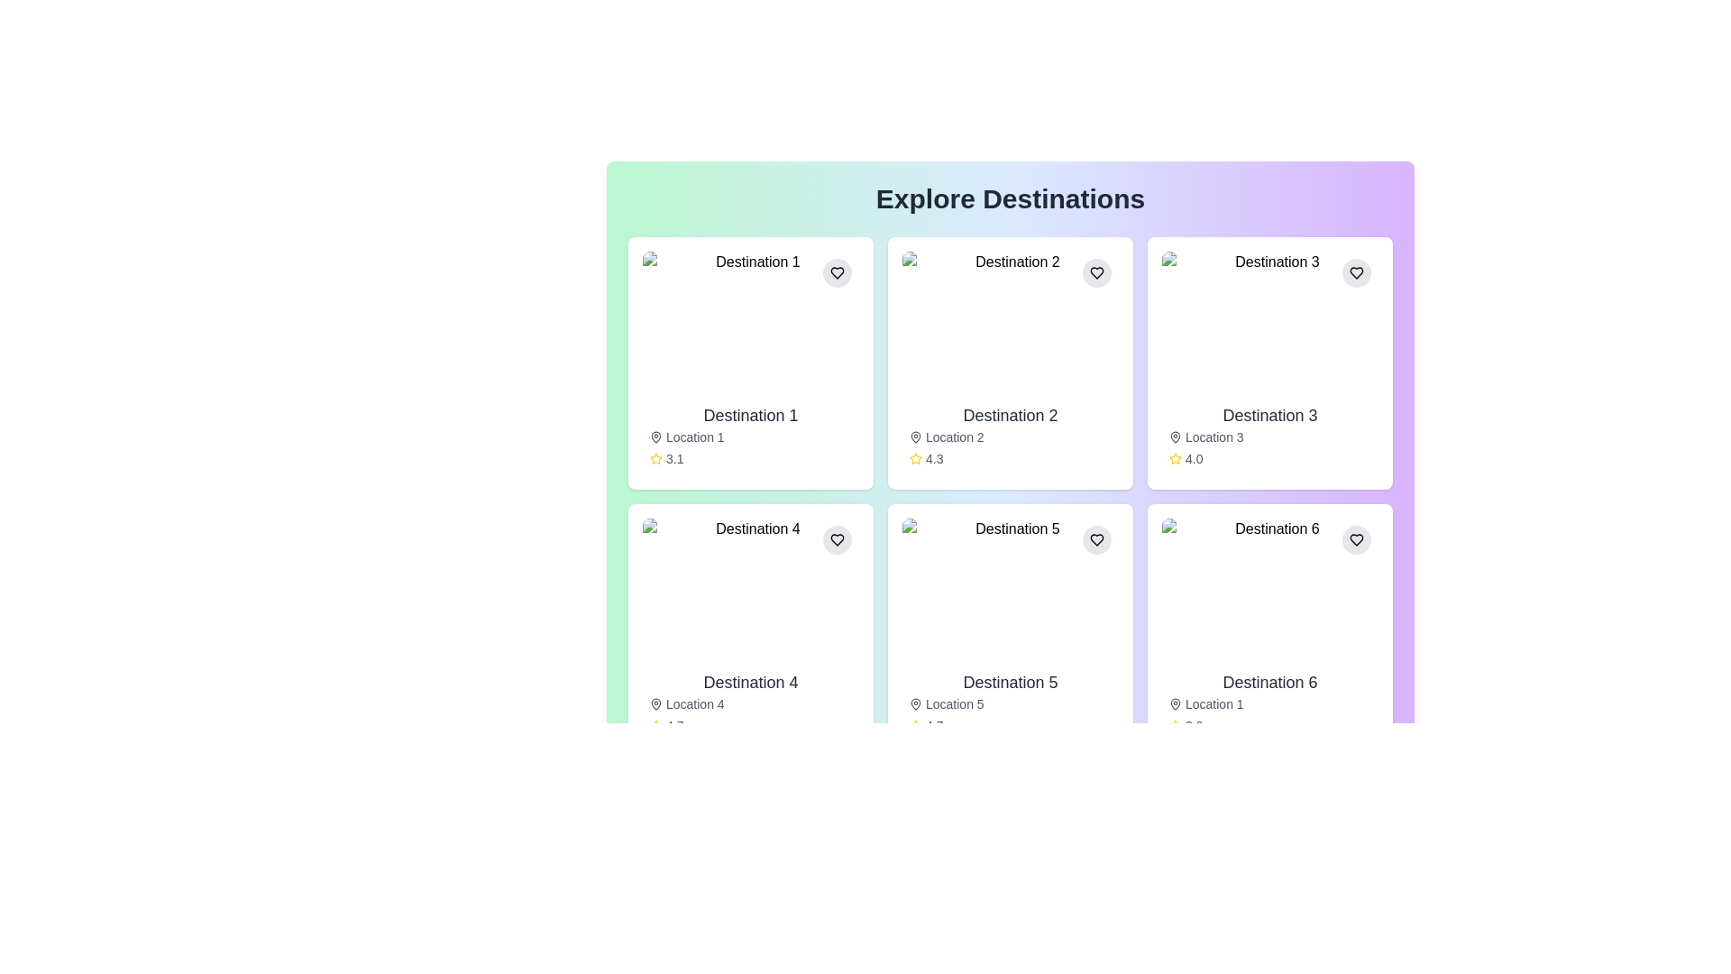 The image size is (1731, 974). Describe the element at coordinates (1096, 273) in the screenshot. I see `the favorite icon located in the top-right corner of the 'Destination 2' tile` at that location.